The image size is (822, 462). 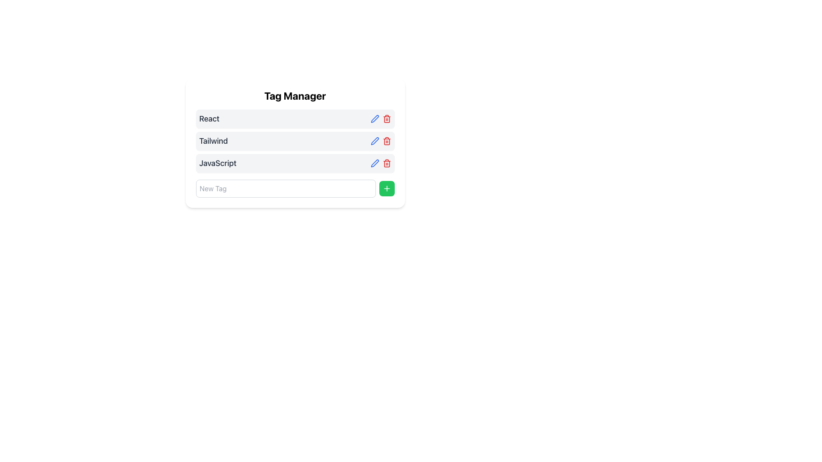 What do you see at coordinates (209, 118) in the screenshot?
I see `the Text Label displaying 'React' located under the 'Tag Manager' heading, which is the first entry in the list` at bounding box center [209, 118].